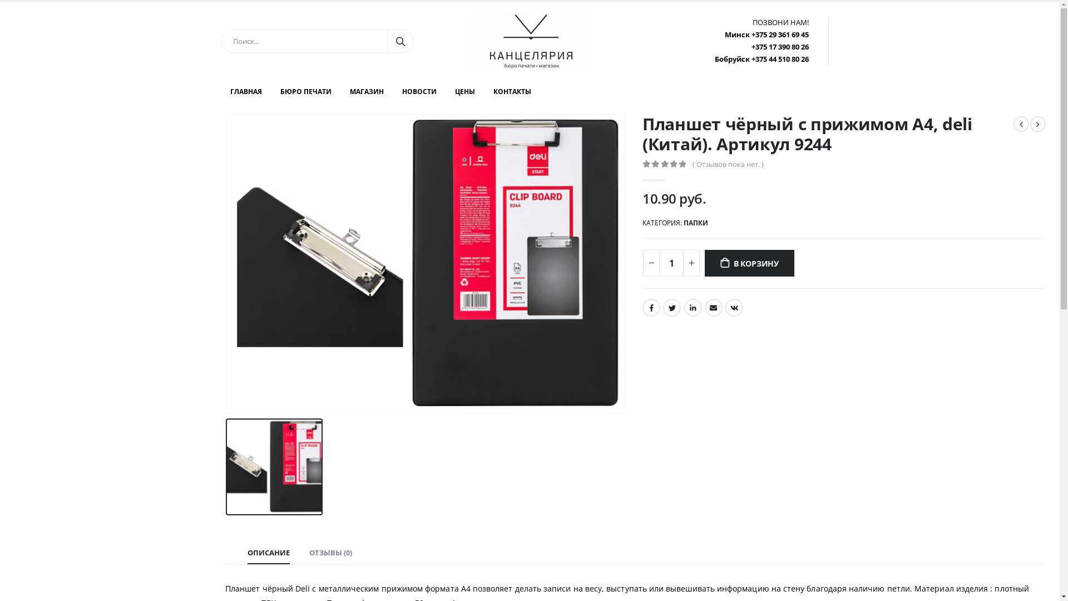  I want to click on '-', so click(651, 263).